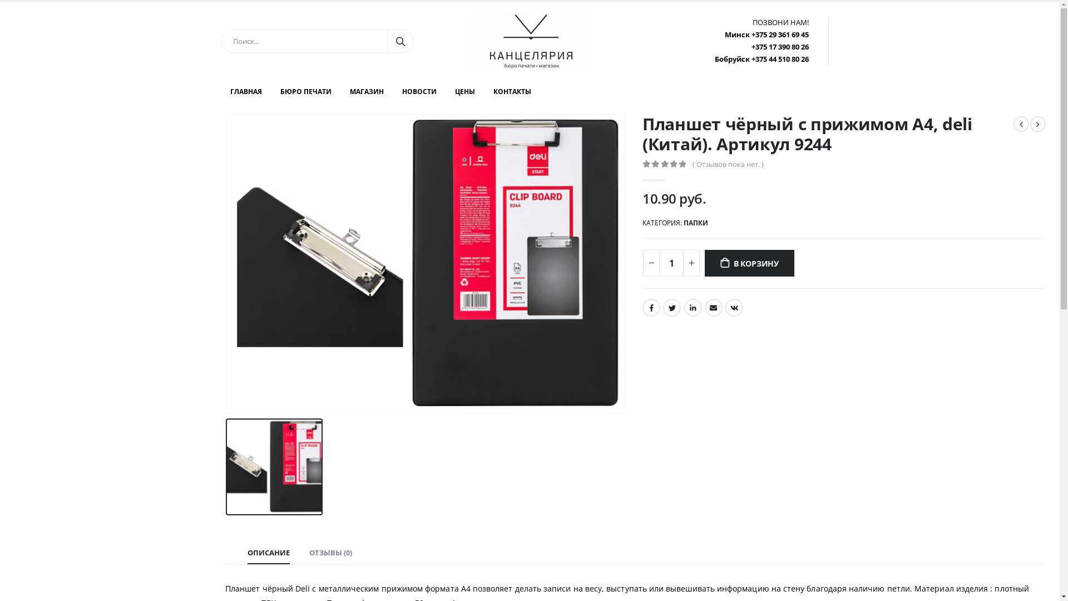  I want to click on '-', so click(651, 263).